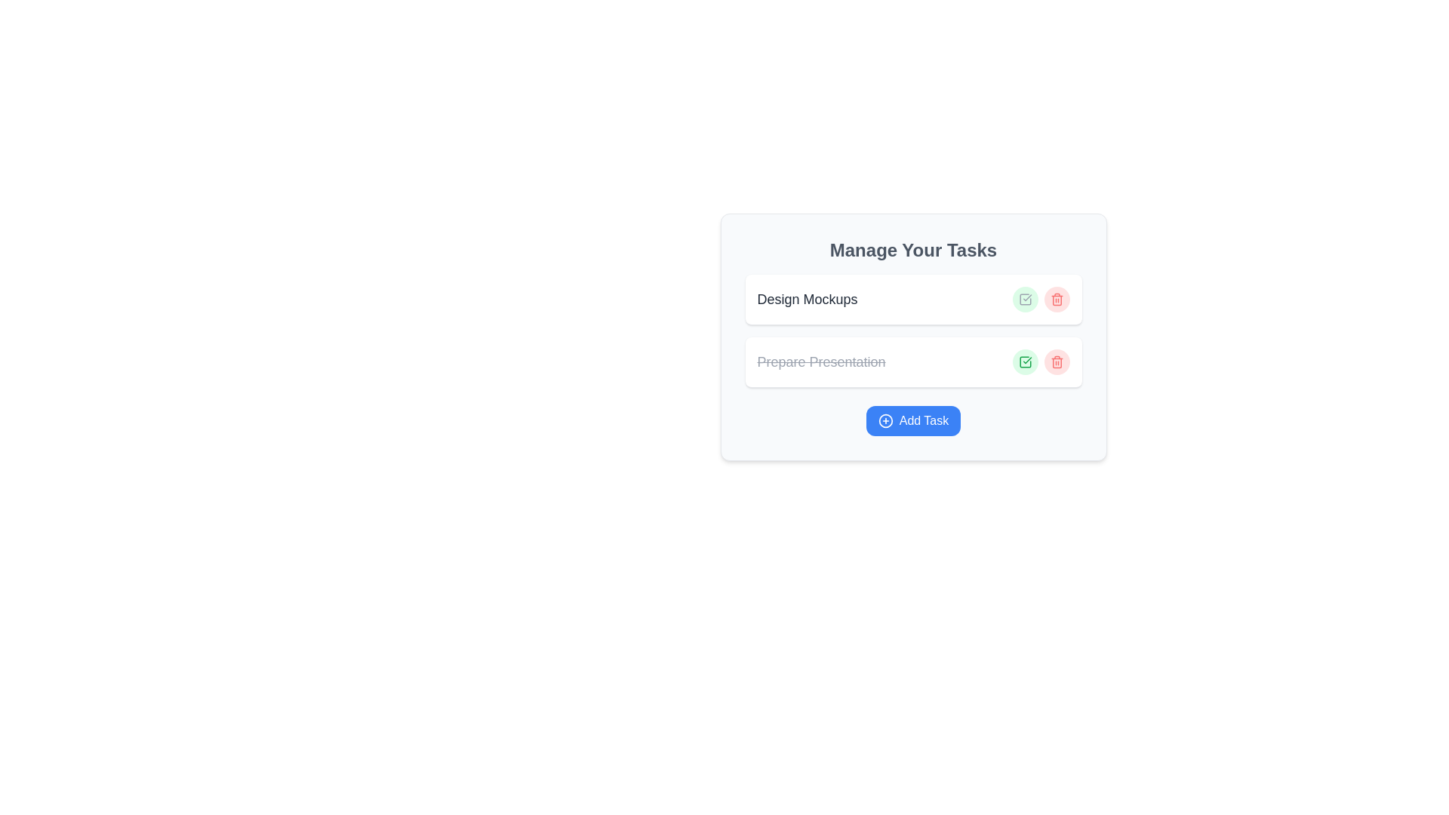  I want to click on the SVG checkmark icon with a gray stroke, so click(1025, 300).